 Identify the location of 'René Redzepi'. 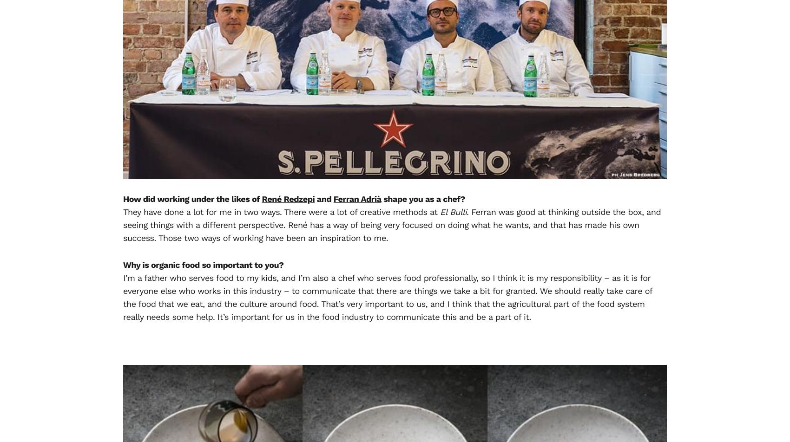
(287, 199).